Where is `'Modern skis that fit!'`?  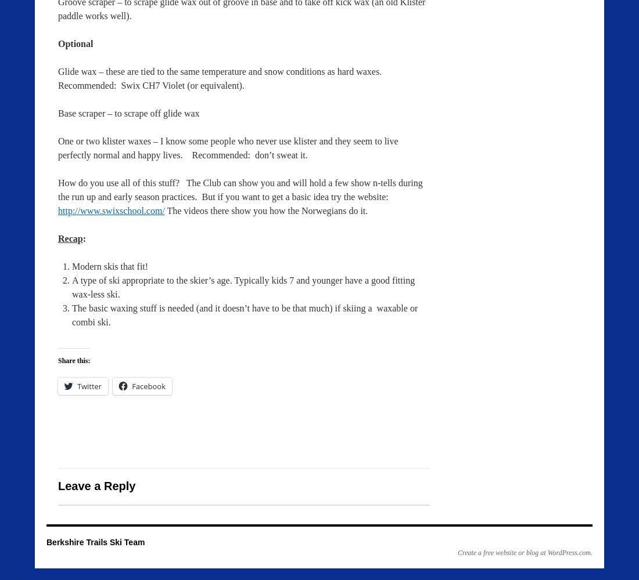 'Modern skis that fit!' is located at coordinates (109, 266).